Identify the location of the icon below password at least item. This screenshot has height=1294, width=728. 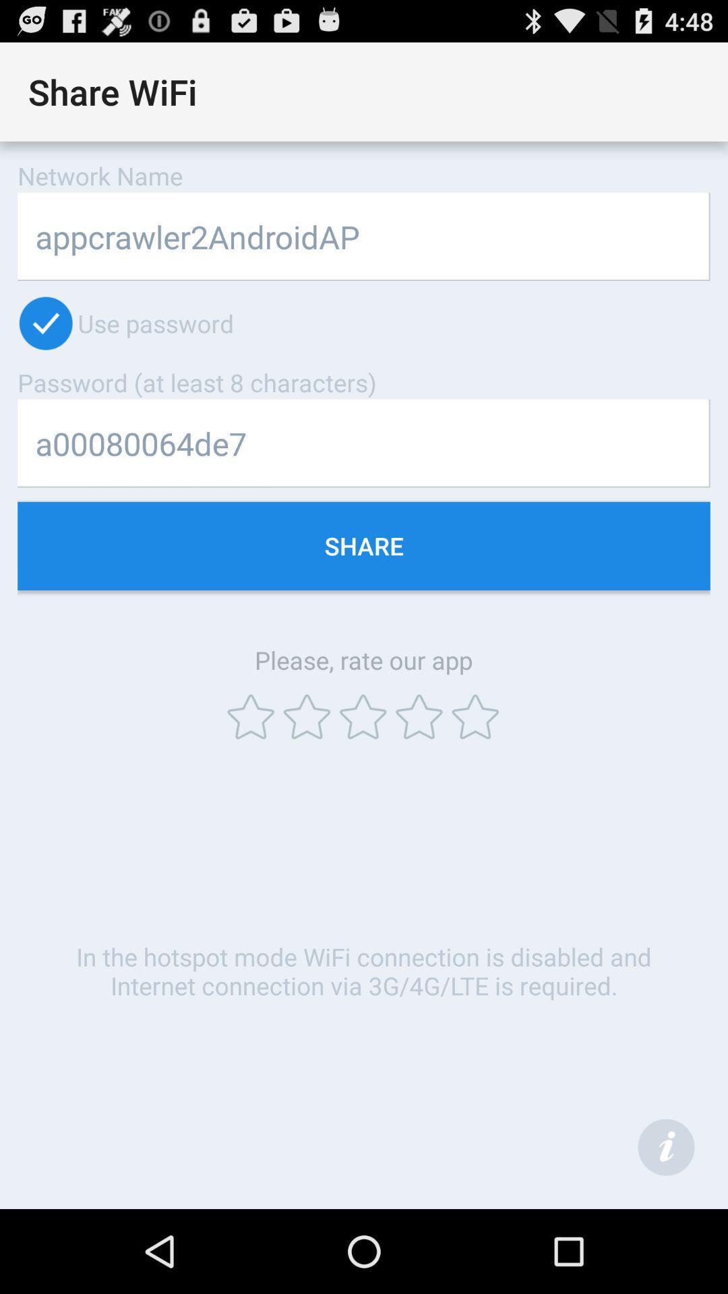
(364, 443).